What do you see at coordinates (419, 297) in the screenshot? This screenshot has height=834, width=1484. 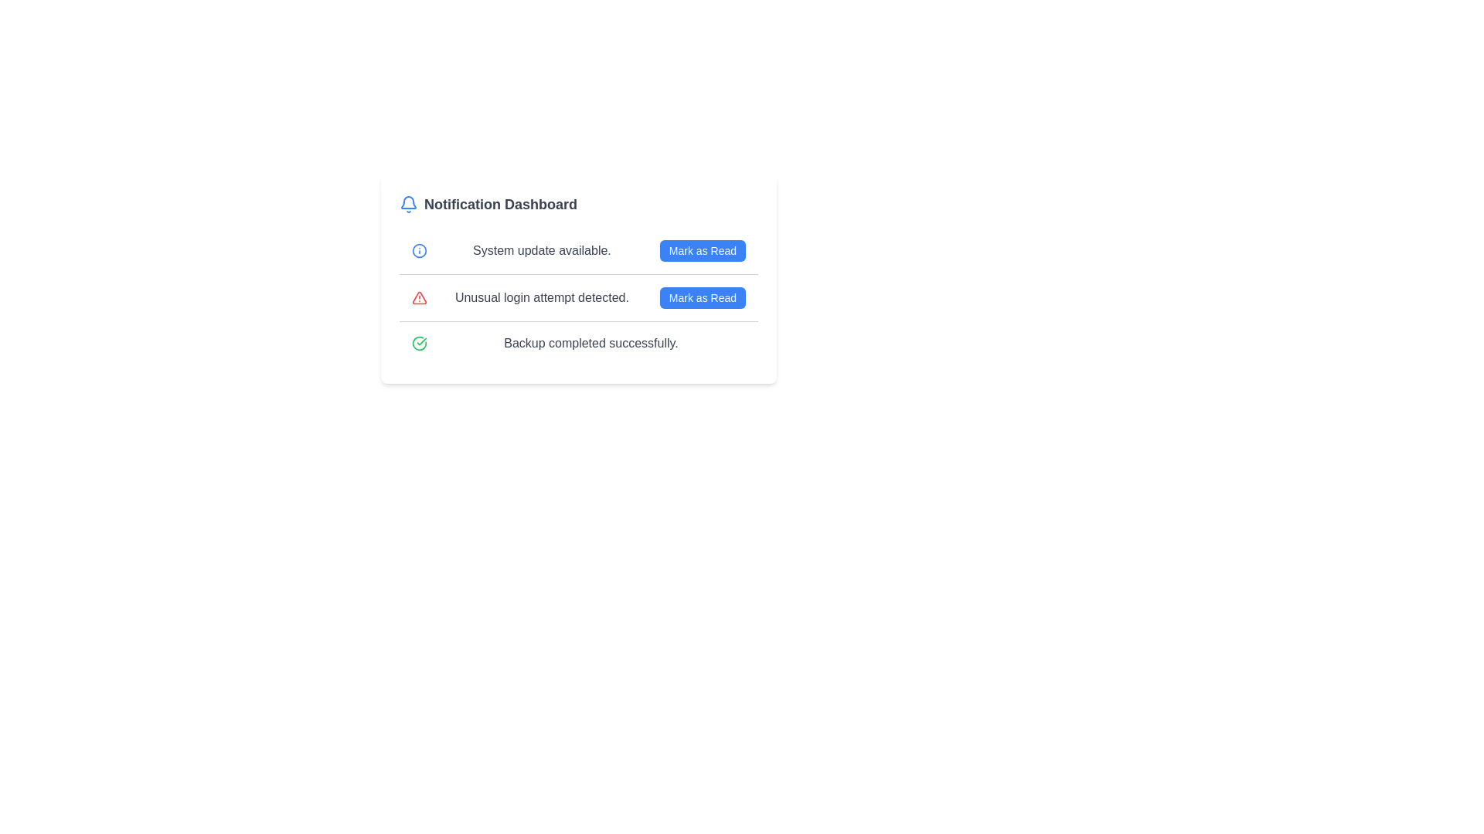 I see `the Warning icon located to the left of the text 'Unusual login attempt detected' in the second notification item` at bounding box center [419, 297].